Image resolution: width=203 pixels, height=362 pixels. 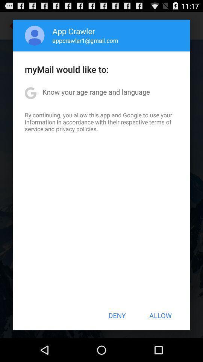 What do you see at coordinates (117, 315) in the screenshot?
I see `deny icon` at bounding box center [117, 315].